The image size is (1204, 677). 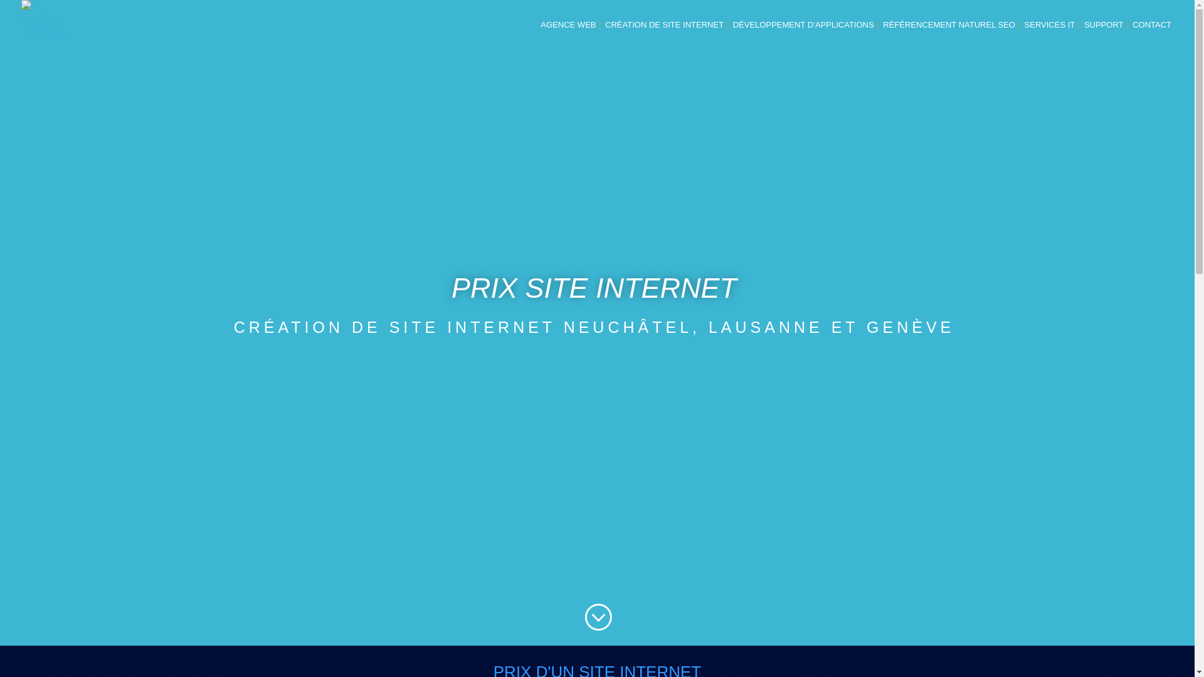 I want to click on 'SUPPORT', so click(x=1104, y=34).